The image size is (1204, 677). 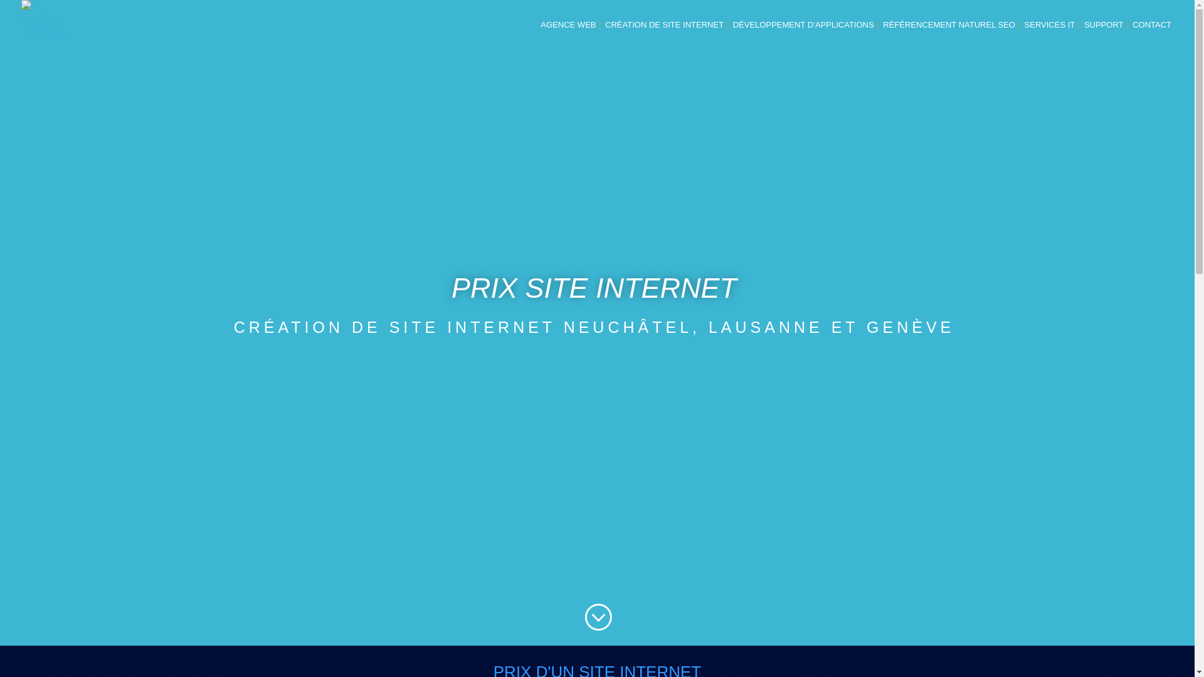 I want to click on 'SUPPORT', so click(x=1104, y=34).